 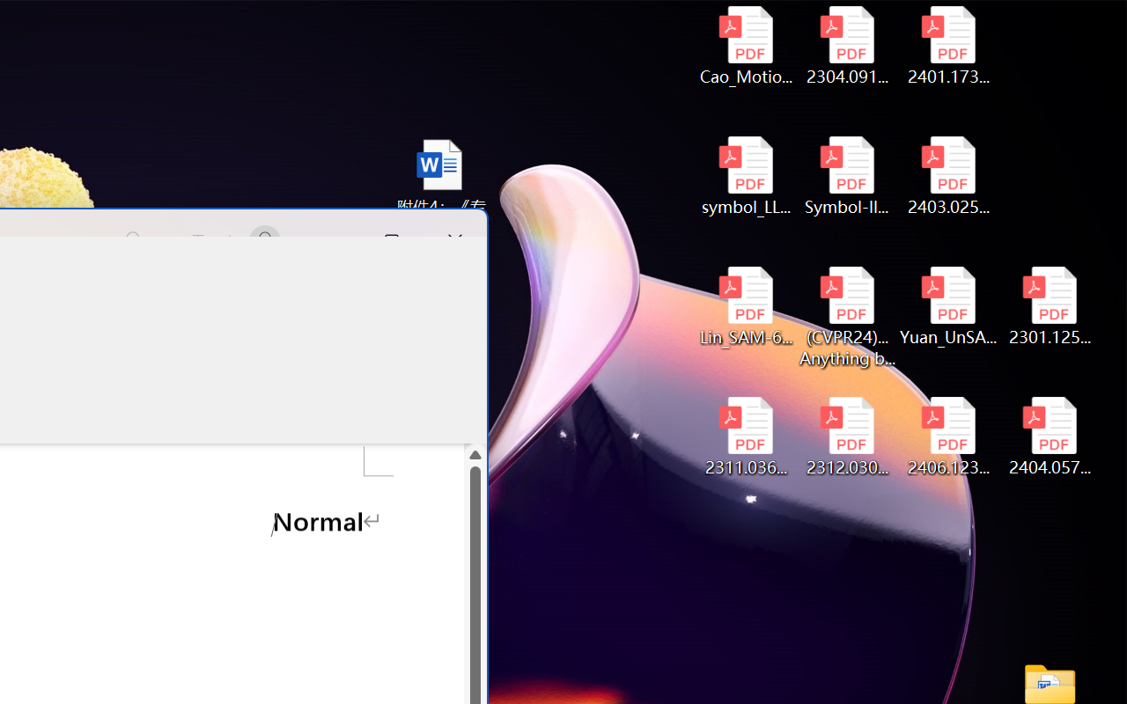 What do you see at coordinates (847, 176) in the screenshot?
I see `'Symbol-llm-v2.pdf'` at bounding box center [847, 176].